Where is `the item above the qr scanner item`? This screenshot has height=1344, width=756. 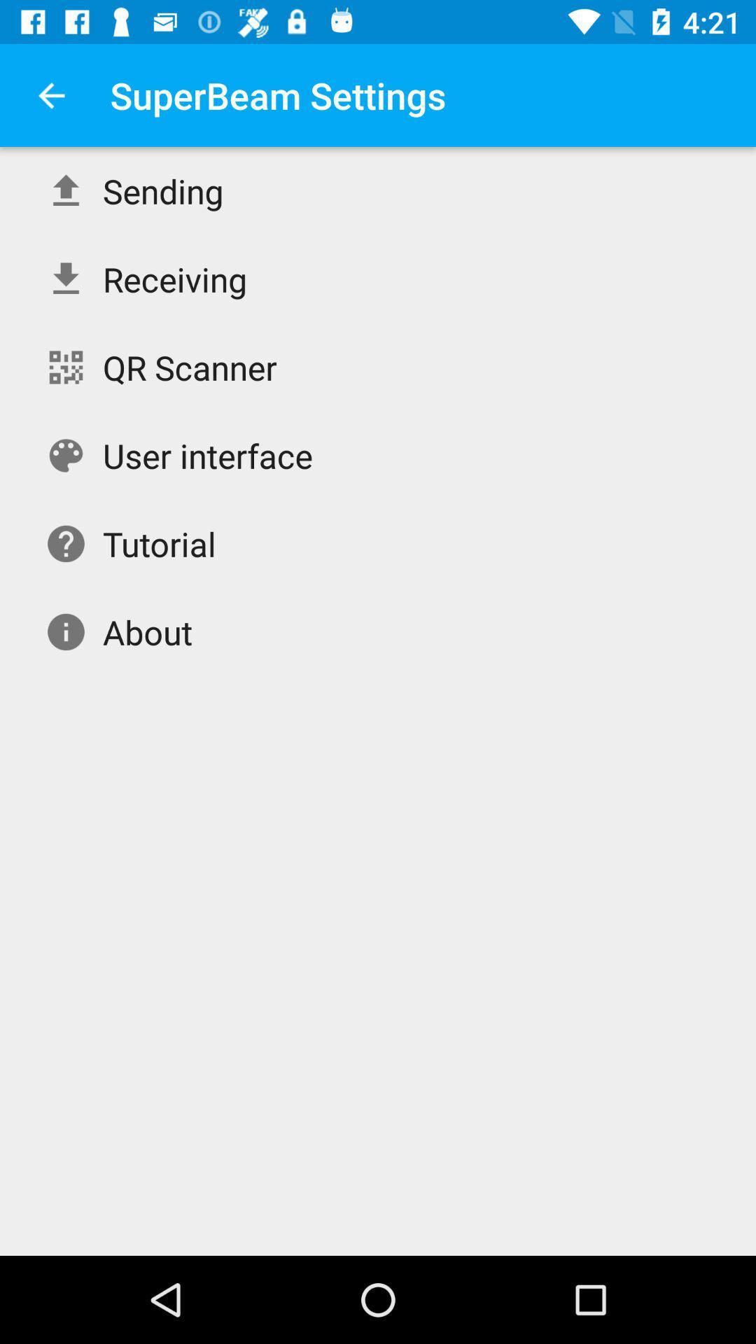 the item above the qr scanner item is located at coordinates (174, 279).